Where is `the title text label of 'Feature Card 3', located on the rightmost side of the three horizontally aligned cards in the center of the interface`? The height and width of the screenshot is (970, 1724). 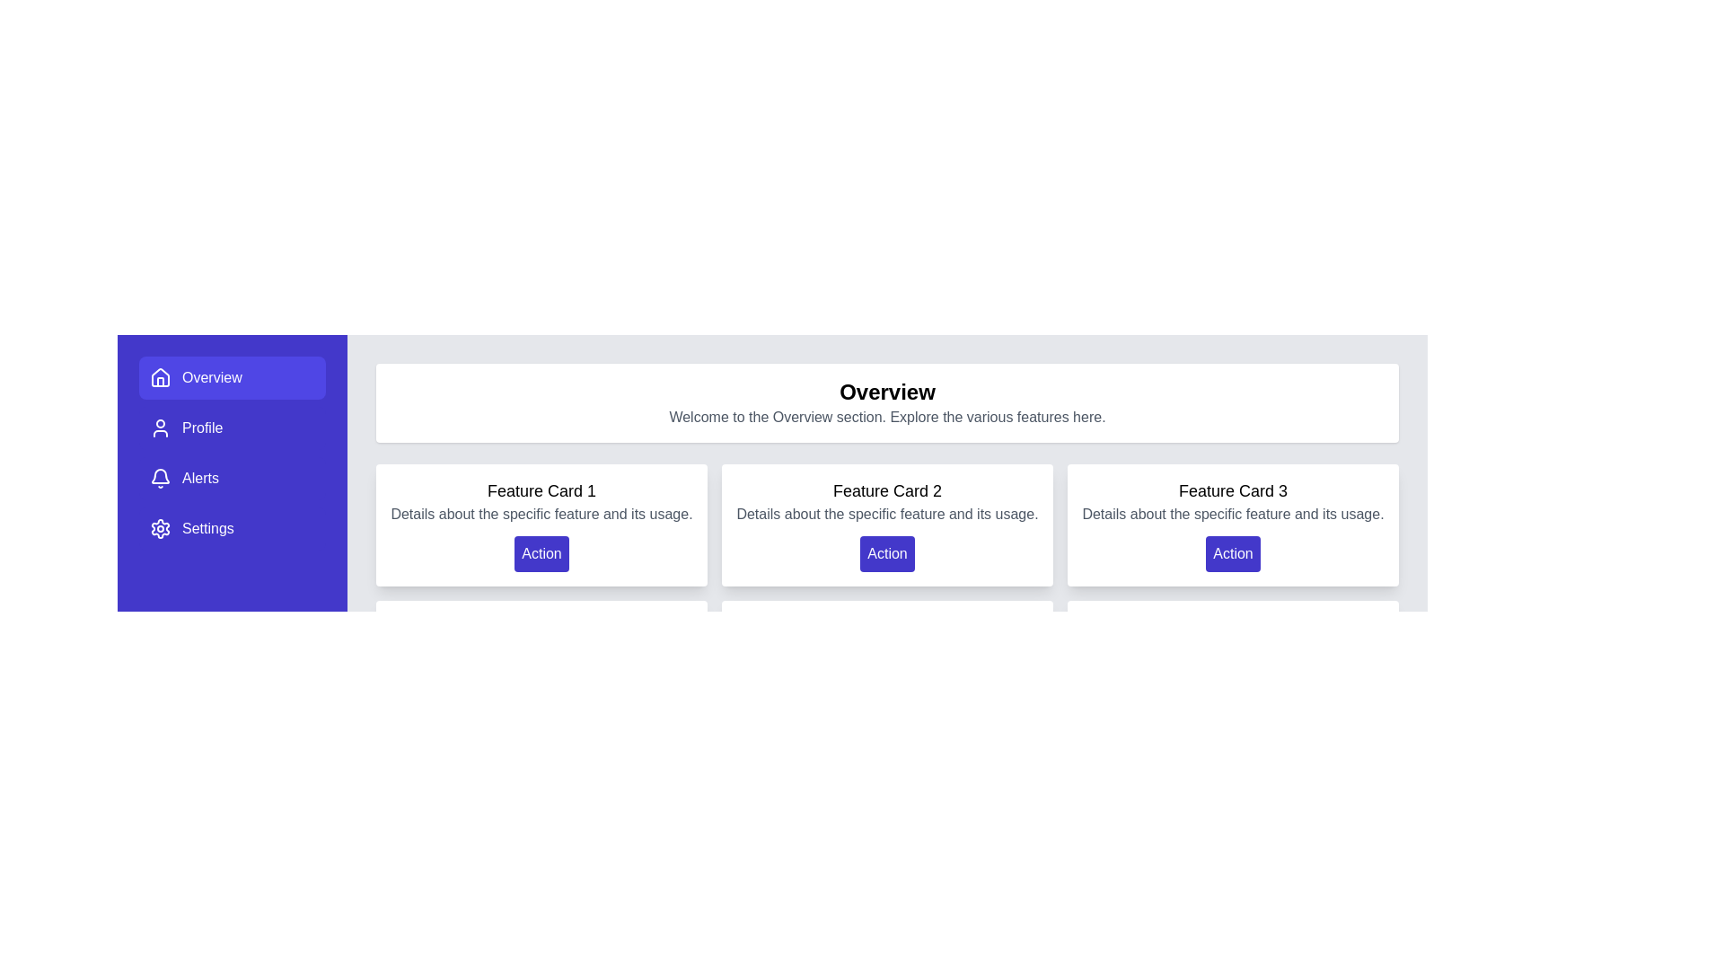 the title text label of 'Feature Card 3', located on the rightmost side of the three horizontally aligned cards in the center of the interface is located at coordinates (1232, 491).